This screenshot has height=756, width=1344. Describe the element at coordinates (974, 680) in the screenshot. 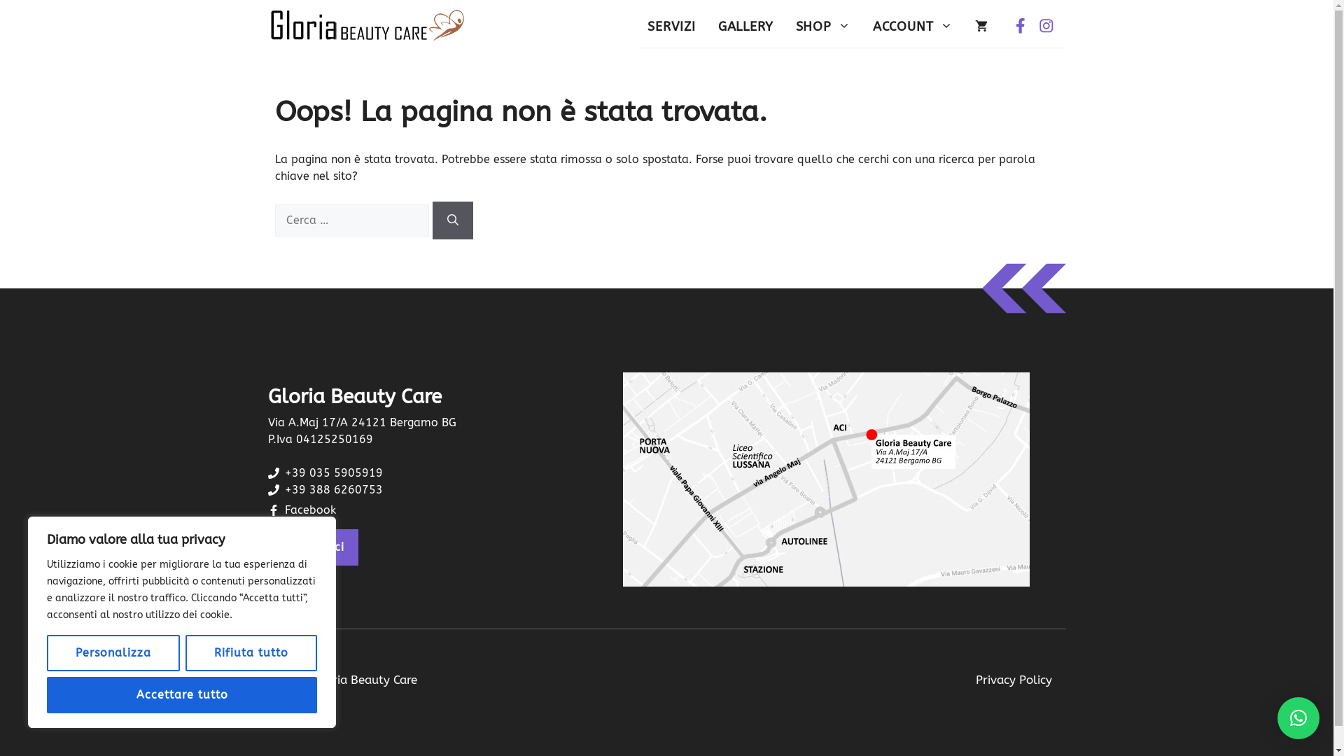

I see `'Privacy Policy'` at that location.